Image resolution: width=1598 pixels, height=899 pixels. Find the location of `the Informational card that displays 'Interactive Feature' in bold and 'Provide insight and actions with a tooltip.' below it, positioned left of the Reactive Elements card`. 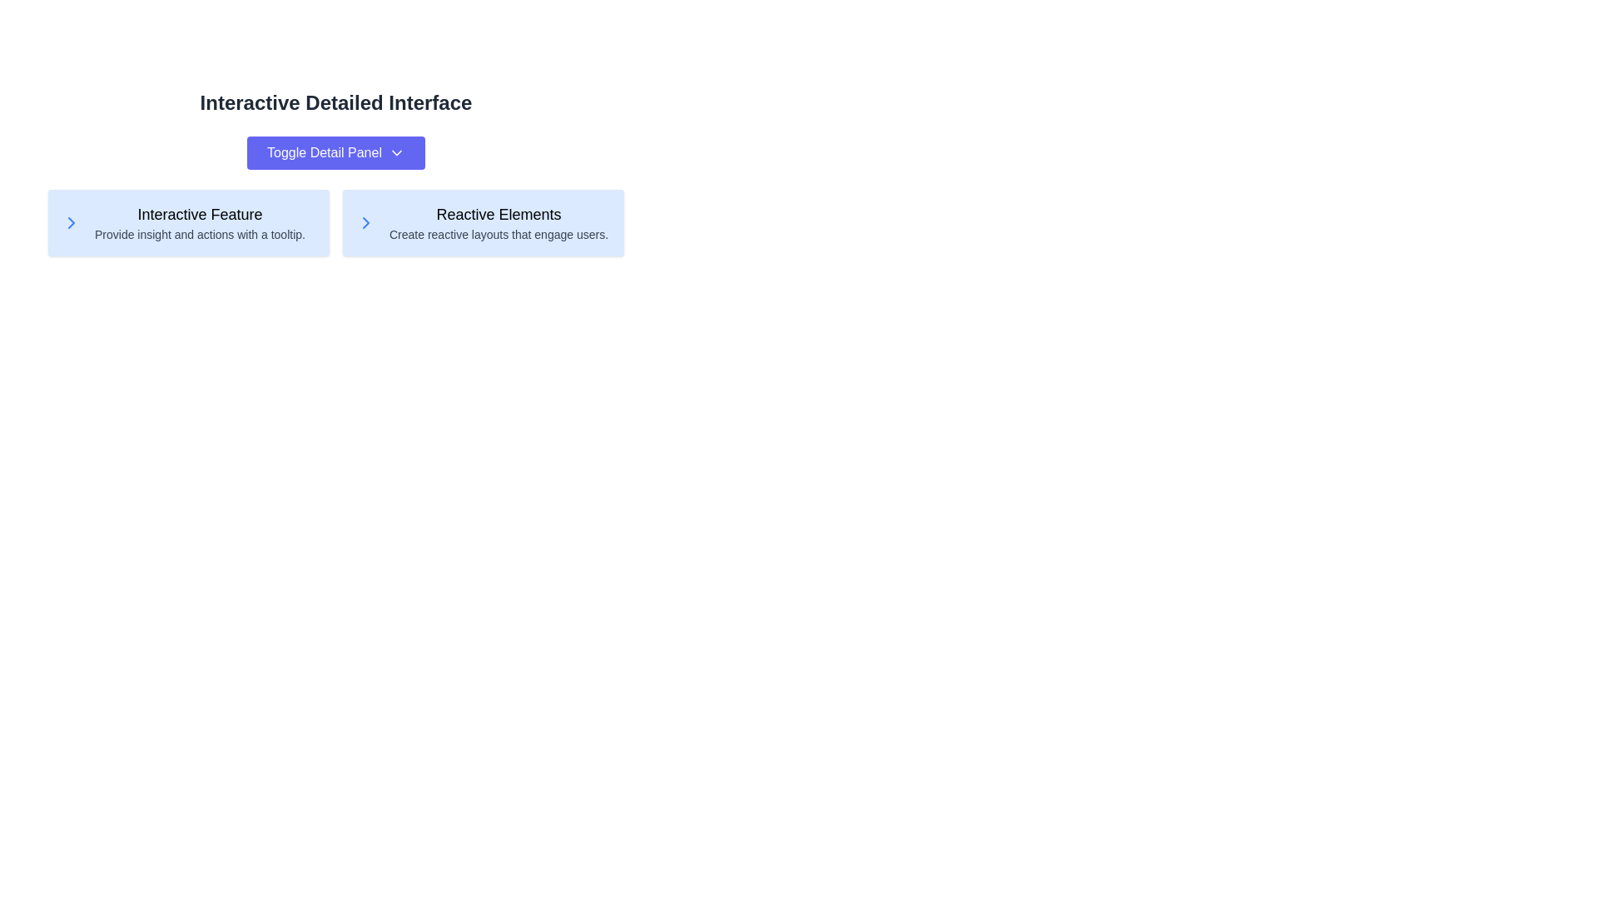

the Informational card that displays 'Interactive Feature' in bold and 'Provide insight and actions with a tooltip.' below it, positioned left of the Reactive Elements card is located at coordinates (200, 221).